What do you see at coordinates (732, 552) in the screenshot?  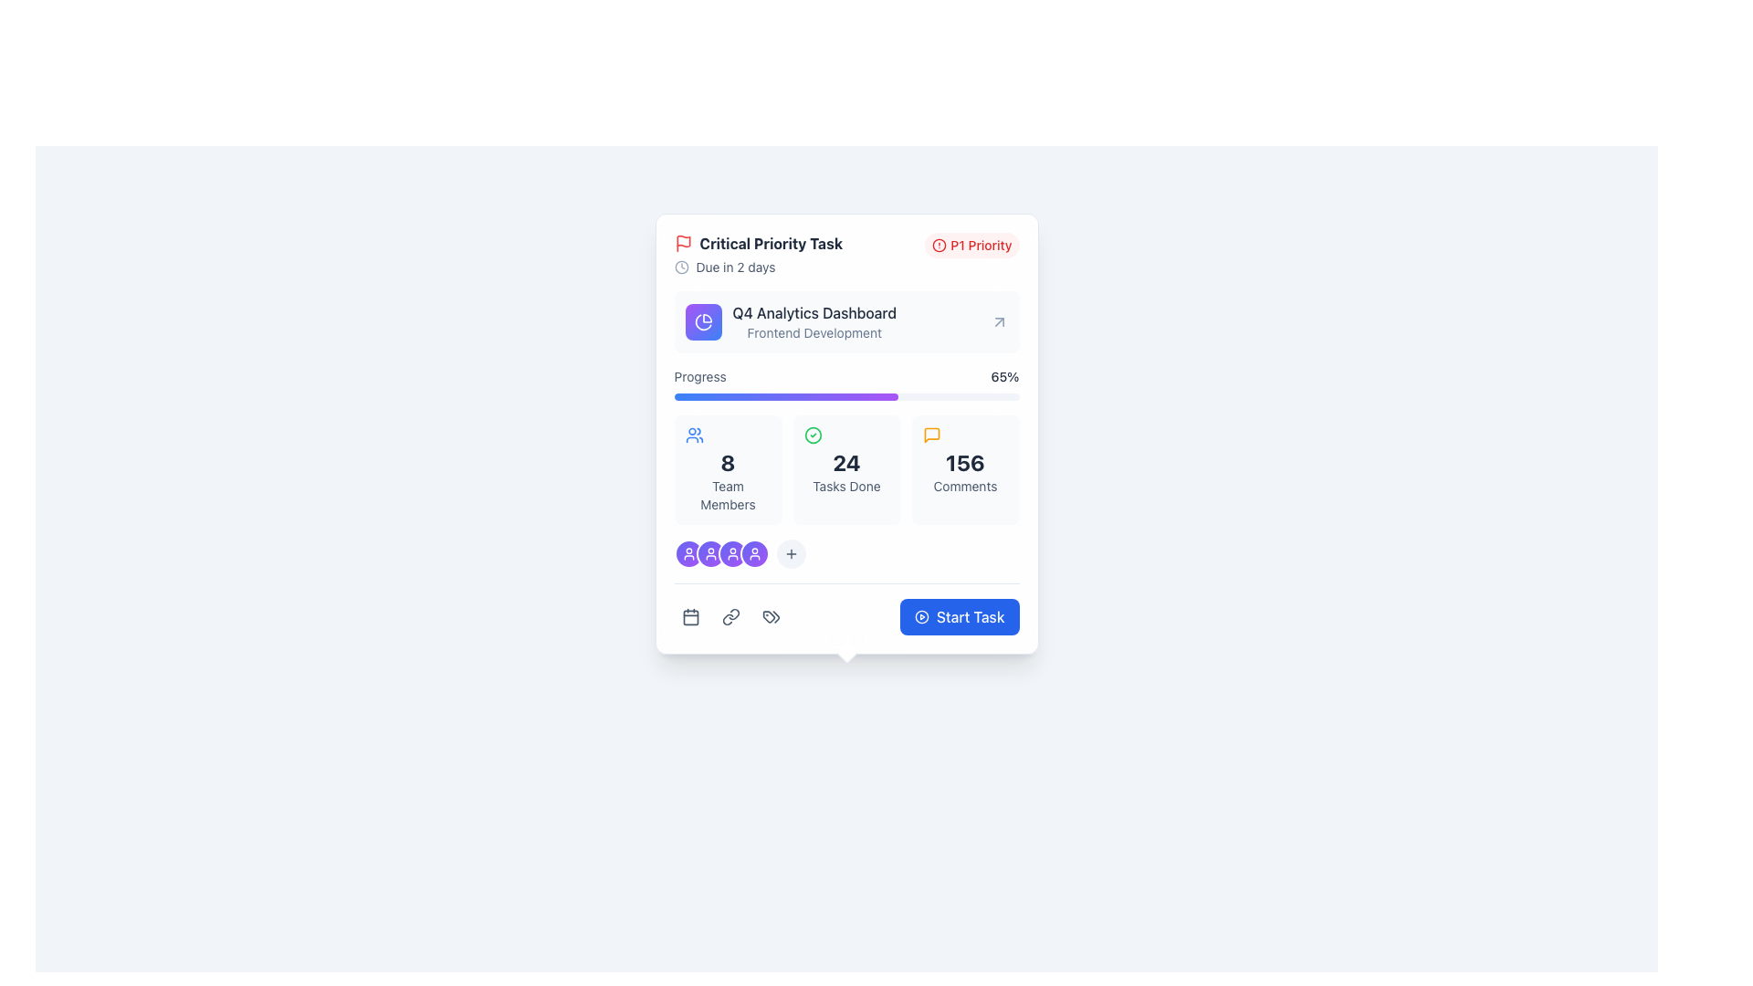 I see `the circular button with a user icon, styled with a gradient from indigo to purple and a white border, which is the fifth element in a horizontal series of buttons located below the 'Progress' bar` at bounding box center [732, 552].